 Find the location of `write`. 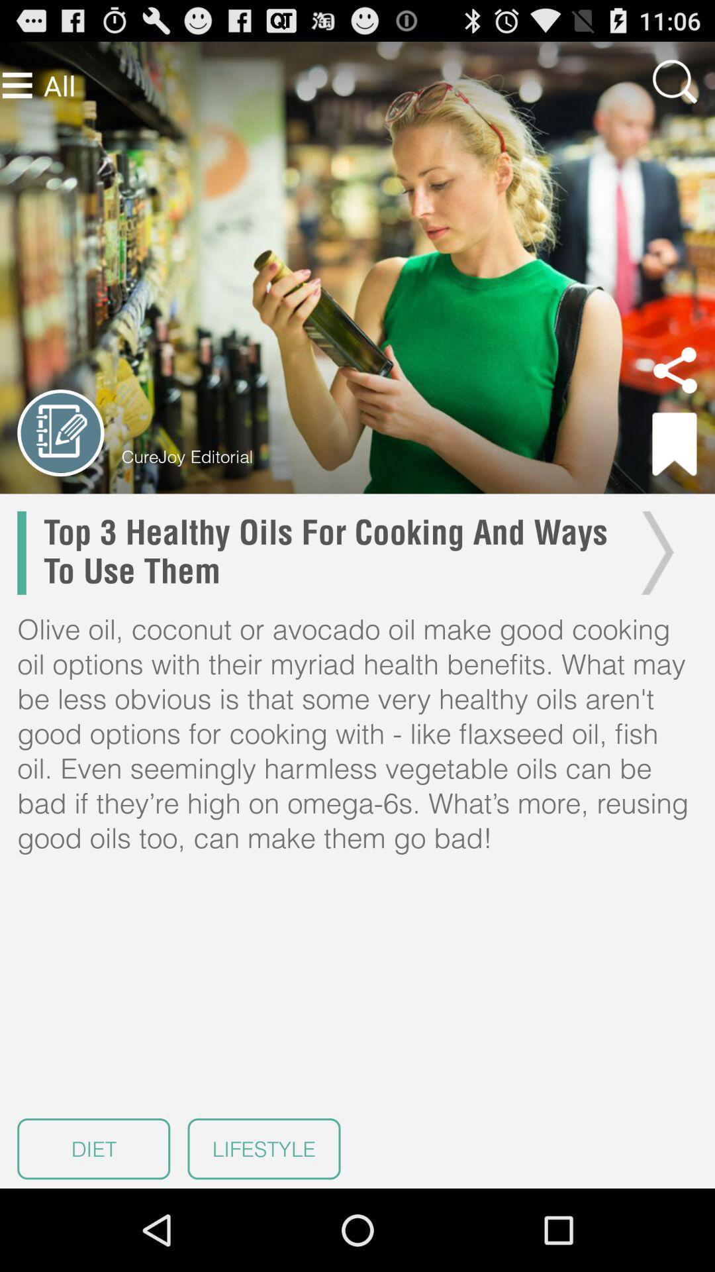

write is located at coordinates (60, 433).